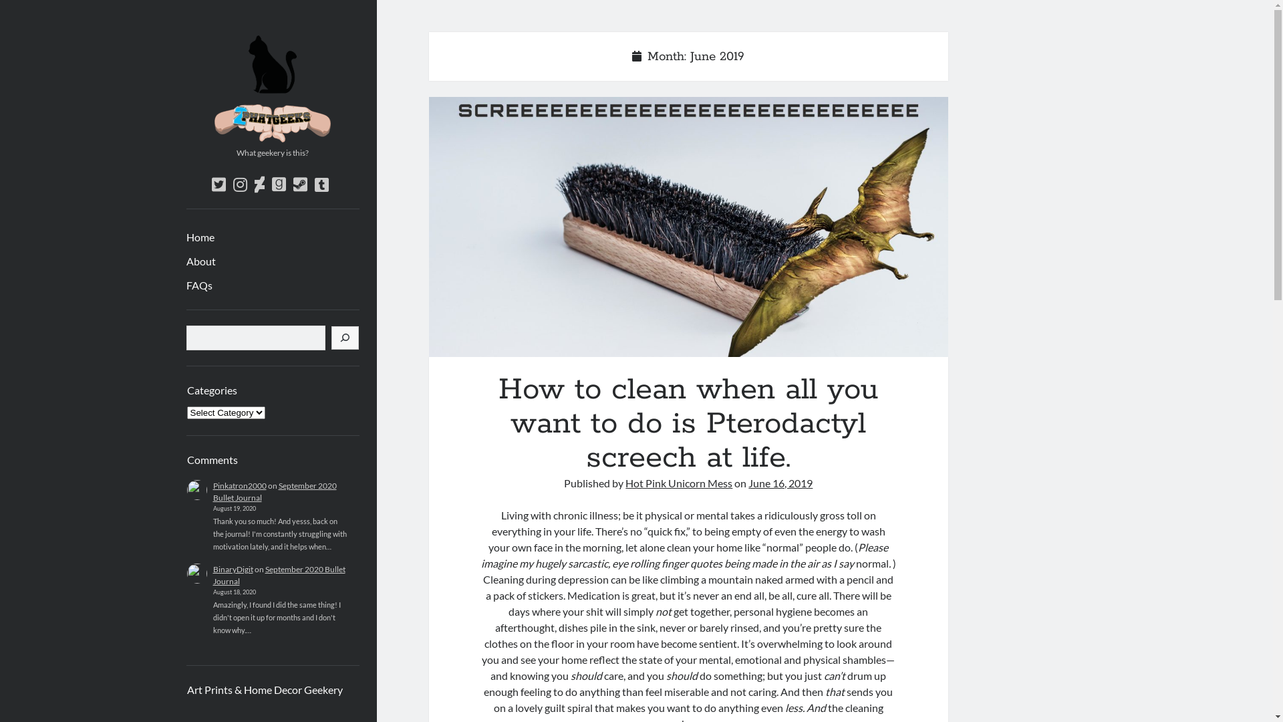 This screenshot has height=722, width=1283. I want to click on 'deviantart', so click(259, 185).